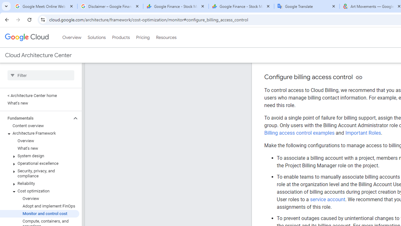 The height and width of the screenshot is (226, 401). Describe the element at coordinates (96, 37) in the screenshot. I see `'Solutions'` at that location.